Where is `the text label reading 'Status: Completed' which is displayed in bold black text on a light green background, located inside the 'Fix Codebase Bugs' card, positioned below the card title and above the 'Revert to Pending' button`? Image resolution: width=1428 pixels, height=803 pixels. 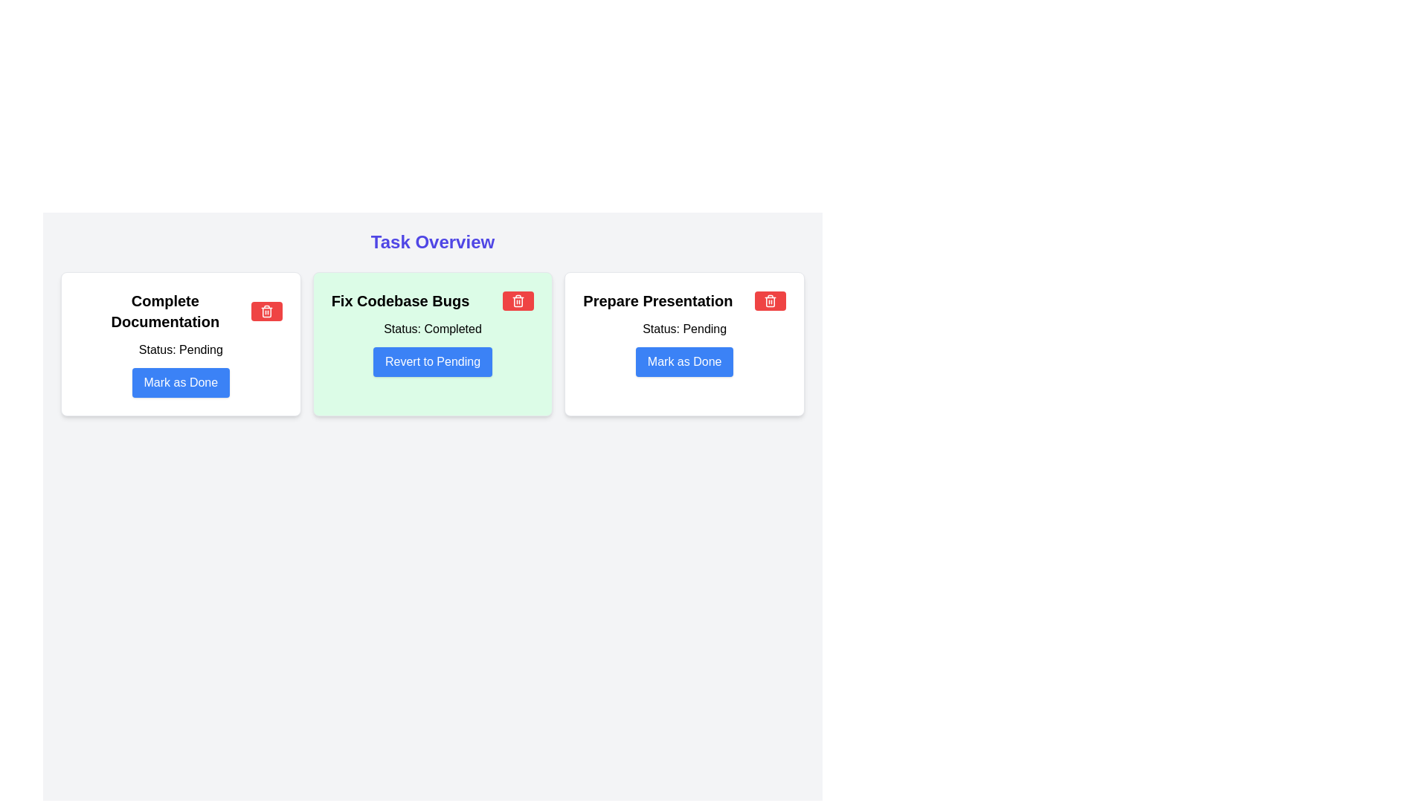
the text label reading 'Status: Completed' which is displayed in bold black text on a light green background, located inside the 'Fix Codebase Bugs' card, positioned below the card title and above the 'Revert to Pending' button is located at coordinates (431, 329).